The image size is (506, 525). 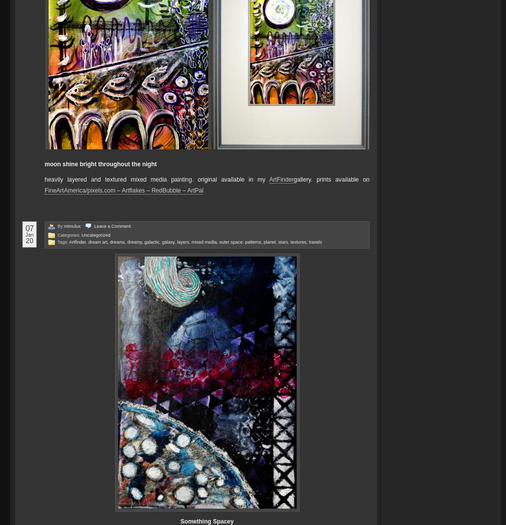 I want to click on 'planet', so click(x=263, y=241).